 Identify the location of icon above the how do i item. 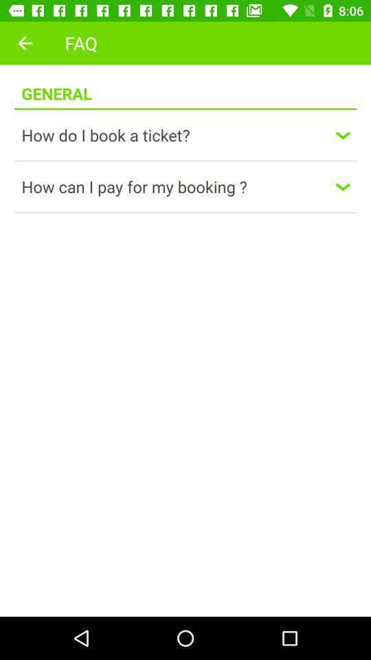
(185, 108).